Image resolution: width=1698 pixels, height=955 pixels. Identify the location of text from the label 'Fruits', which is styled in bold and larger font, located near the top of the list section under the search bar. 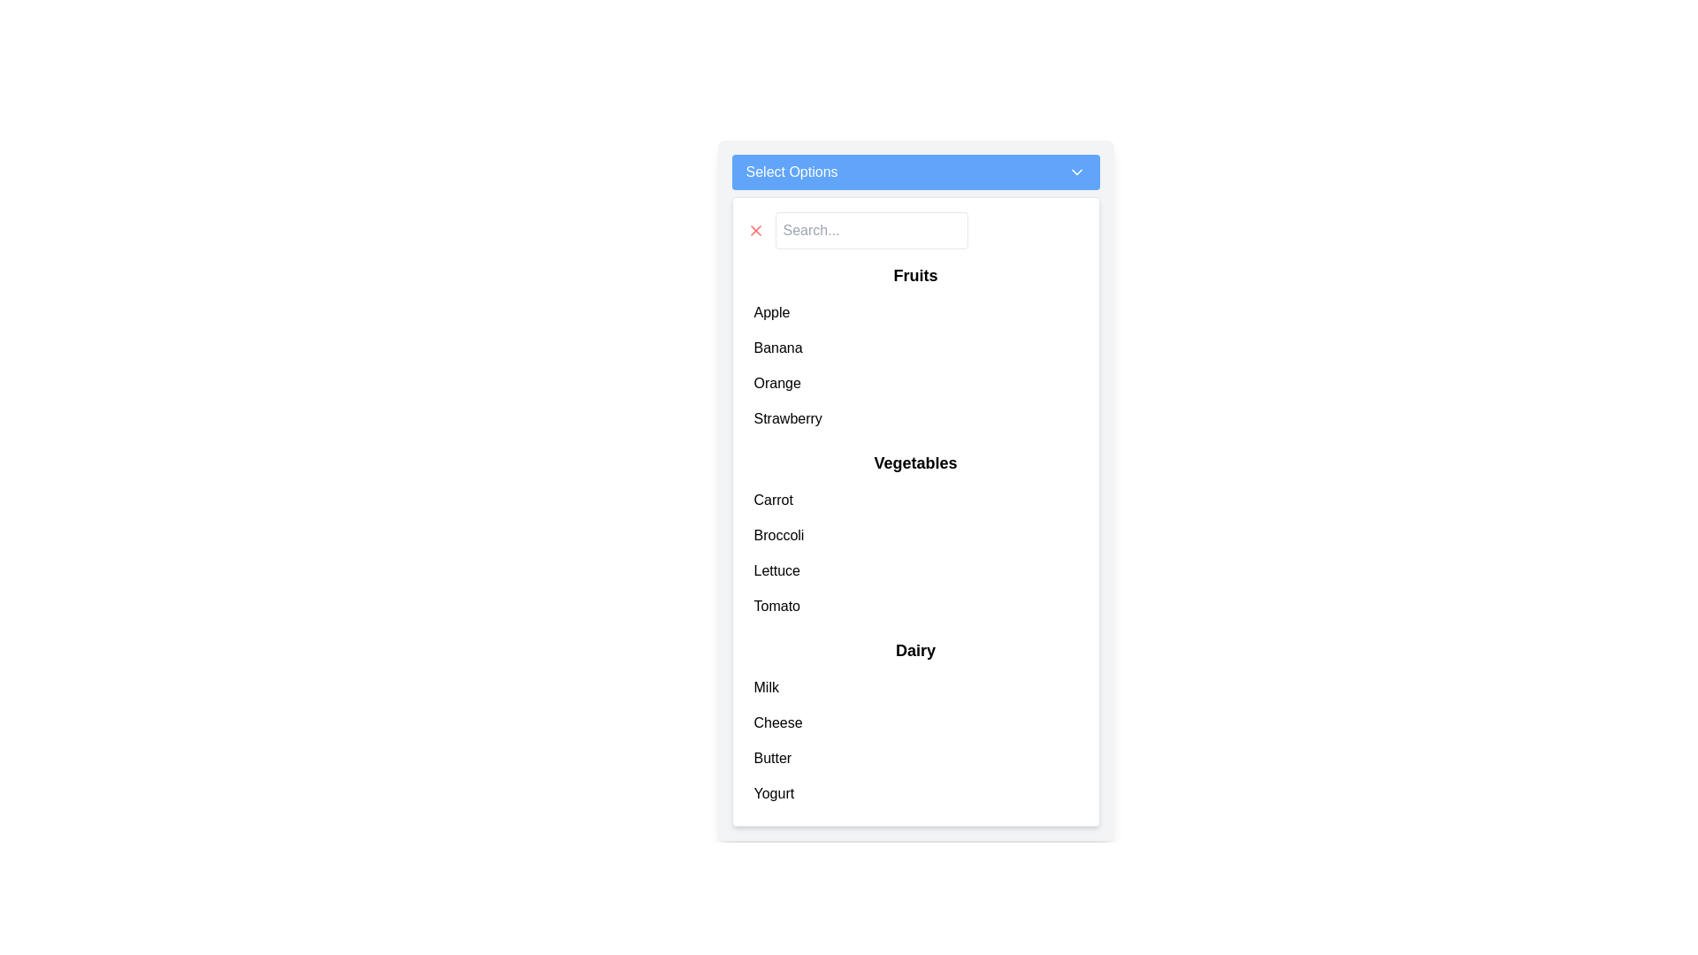
(915, 276).